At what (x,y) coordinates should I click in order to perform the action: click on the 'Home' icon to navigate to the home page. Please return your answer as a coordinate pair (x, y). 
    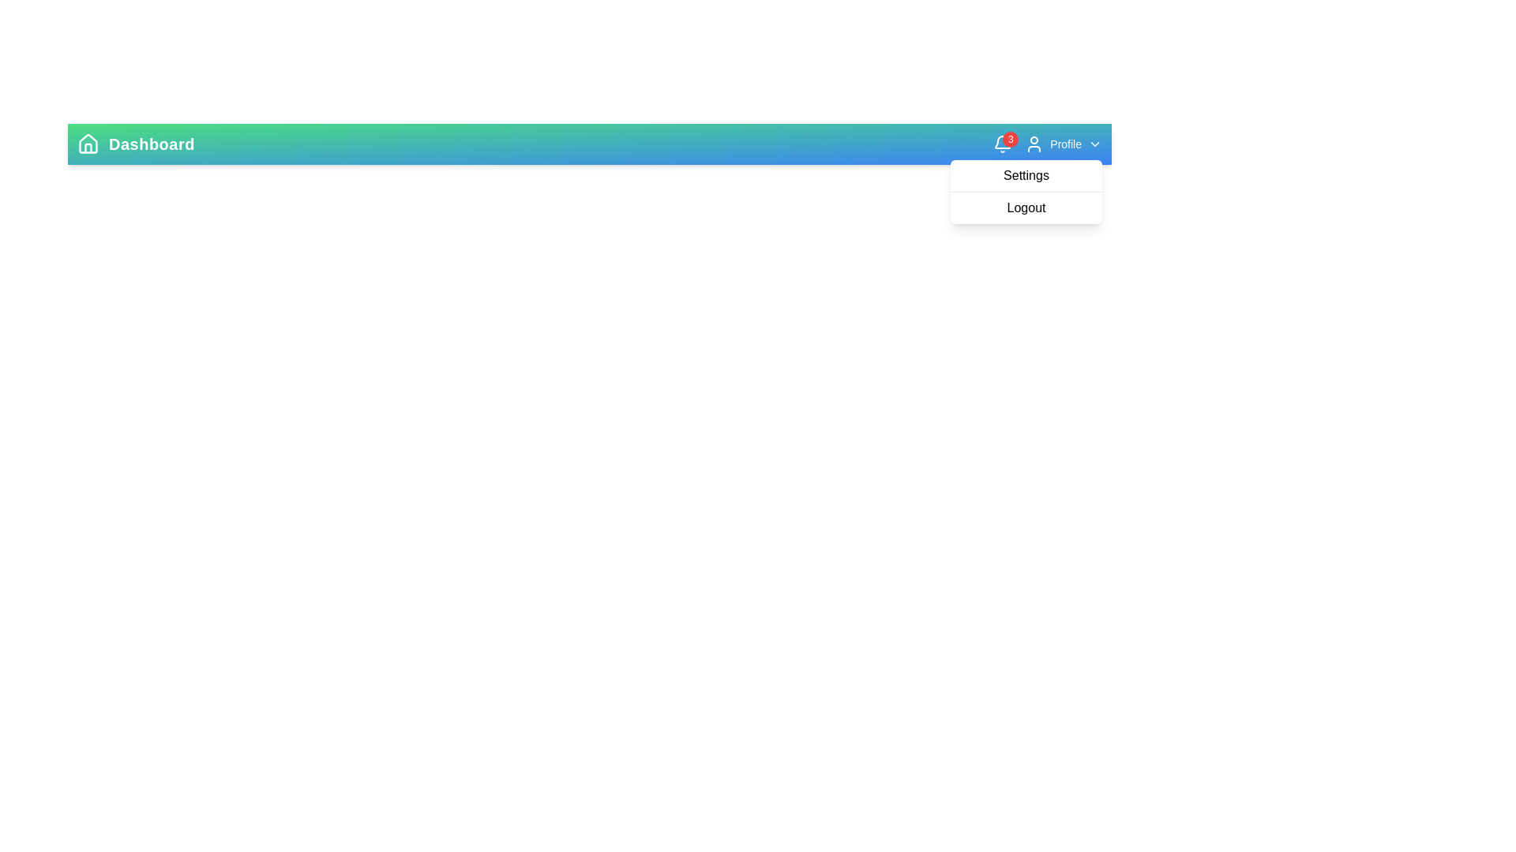
    Looking at the image, I should click on (87, 144).